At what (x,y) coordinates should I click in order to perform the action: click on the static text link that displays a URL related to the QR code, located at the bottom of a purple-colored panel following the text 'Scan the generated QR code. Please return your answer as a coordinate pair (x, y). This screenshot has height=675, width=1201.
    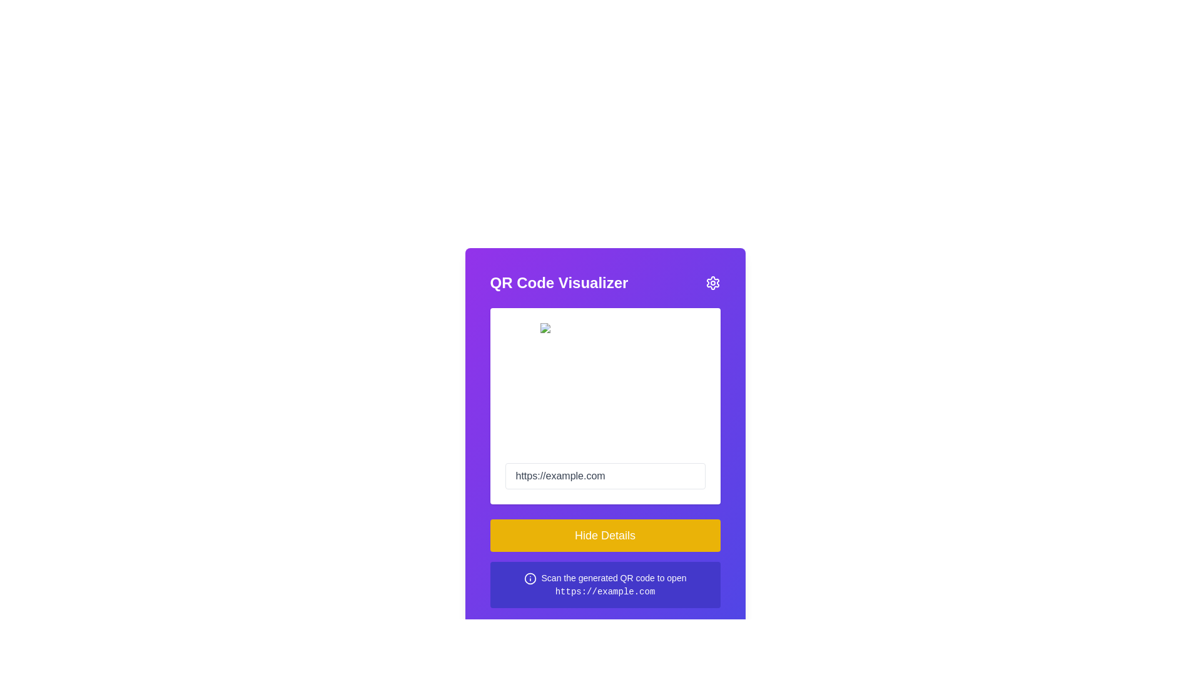
    Looking at the image, I should click on (605, 591).